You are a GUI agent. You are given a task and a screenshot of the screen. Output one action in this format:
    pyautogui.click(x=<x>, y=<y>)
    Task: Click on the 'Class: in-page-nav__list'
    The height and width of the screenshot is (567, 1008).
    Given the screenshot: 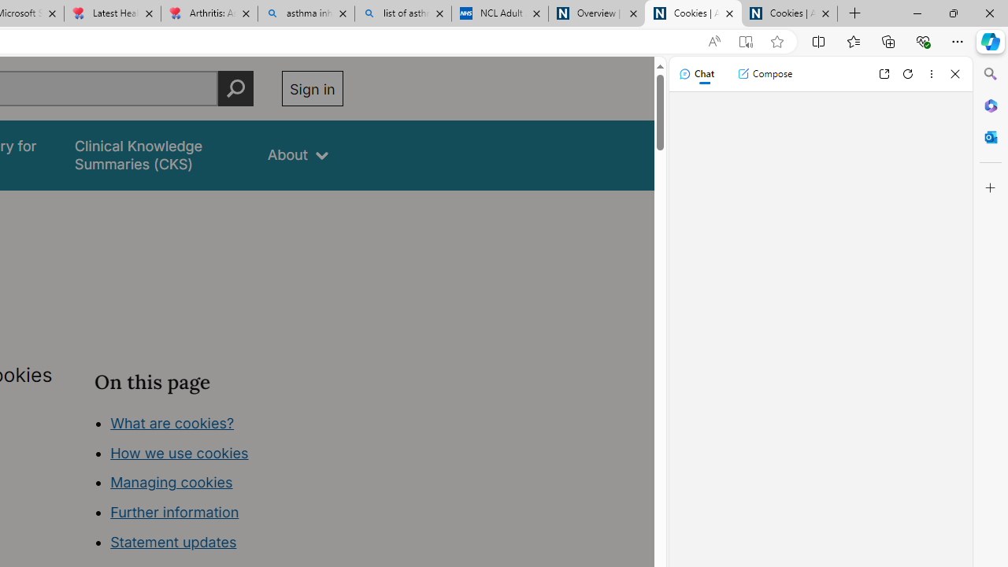 What is the action you would take?
    pyautogui.click(x=217, y=484)
    